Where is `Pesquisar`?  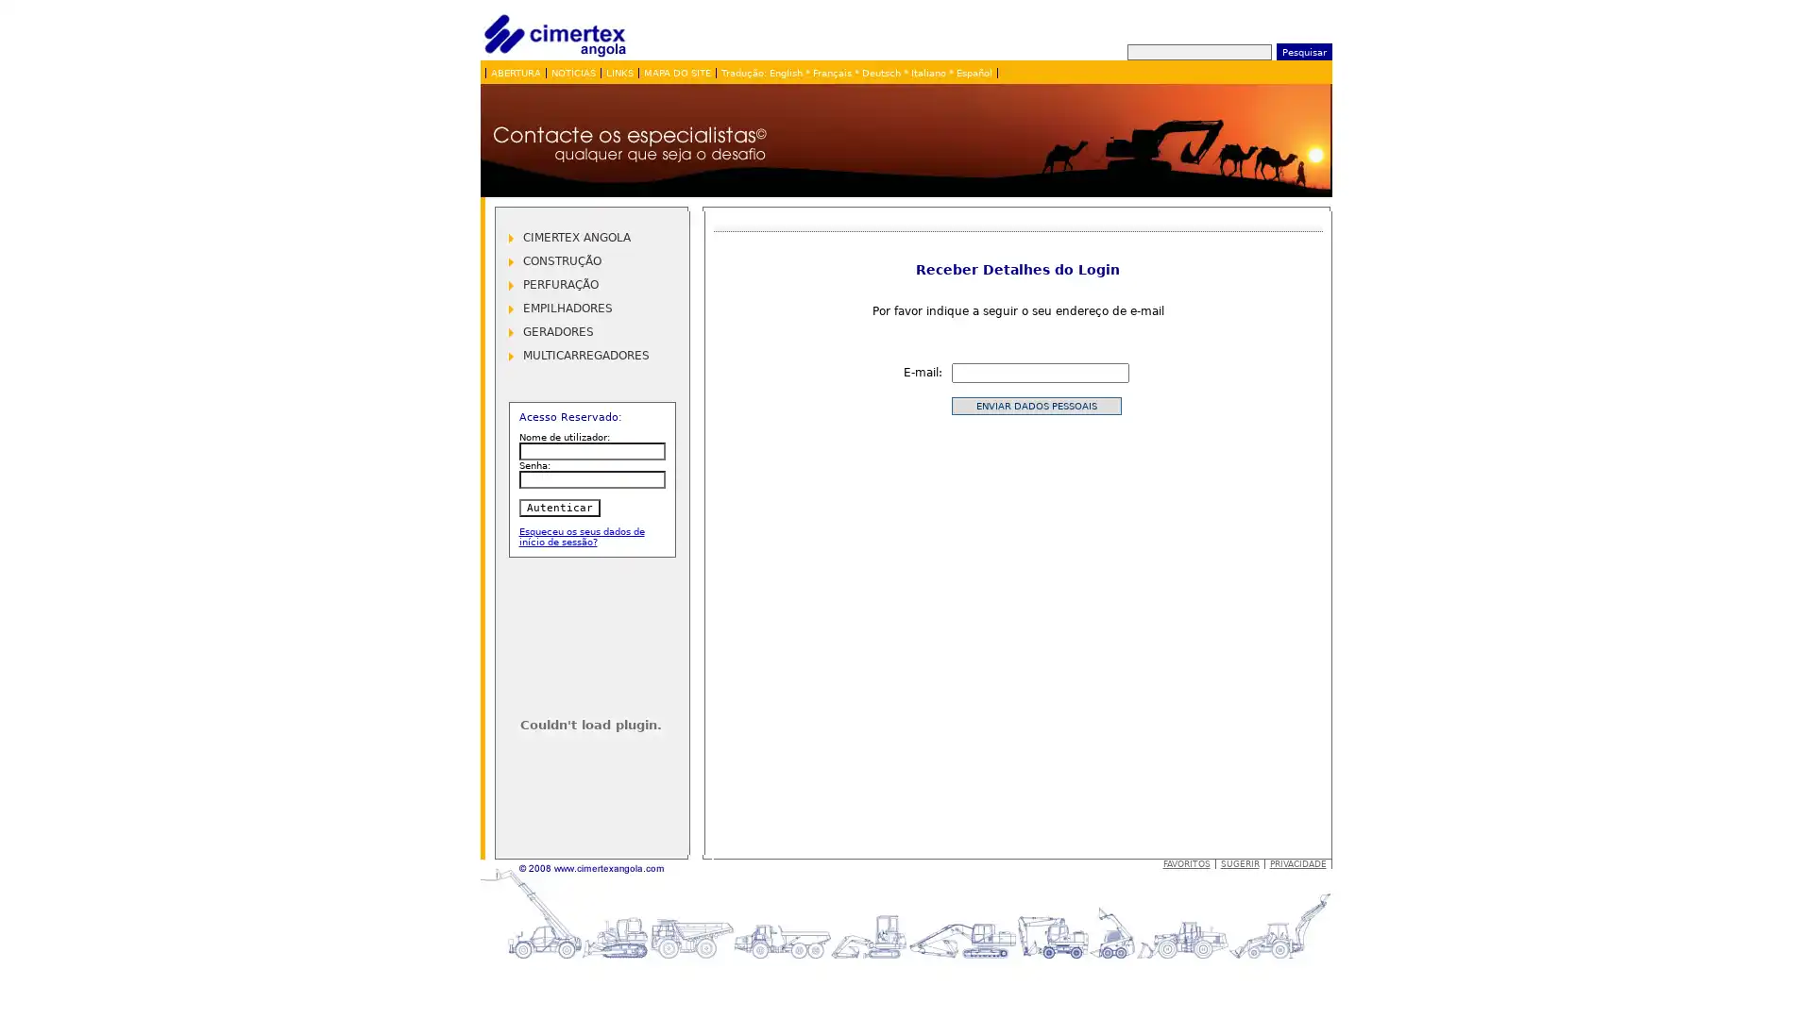
Pesquisar is located at coordinates (1302, 50).